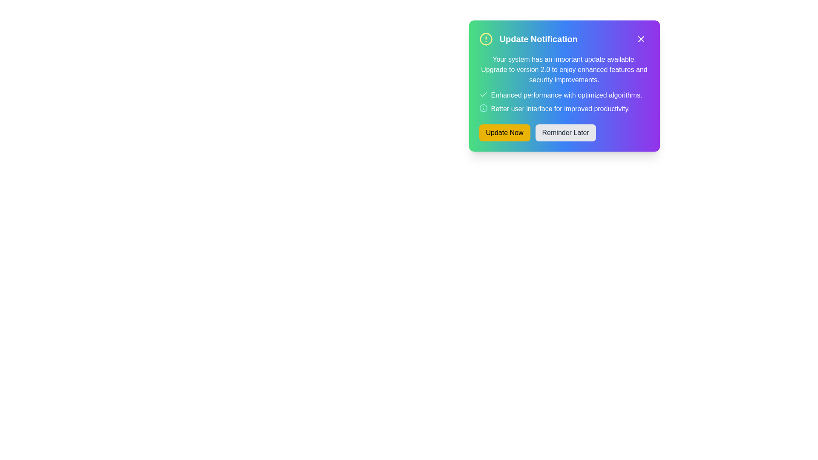 This screenshot has height=460, width=818. Describe the element at coordinates (565, 133) in the screenshot. I see `the 'Reminder Later' button in the notification dialog to postpone the action` at that location.